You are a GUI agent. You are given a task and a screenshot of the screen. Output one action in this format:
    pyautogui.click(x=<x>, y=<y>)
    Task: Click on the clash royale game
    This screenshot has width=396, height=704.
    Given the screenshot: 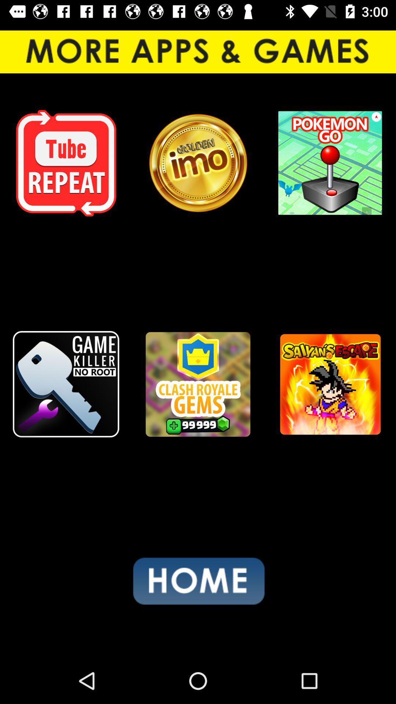 What is the action you would take?
    pyautogui.click(x=198, y=384)
    